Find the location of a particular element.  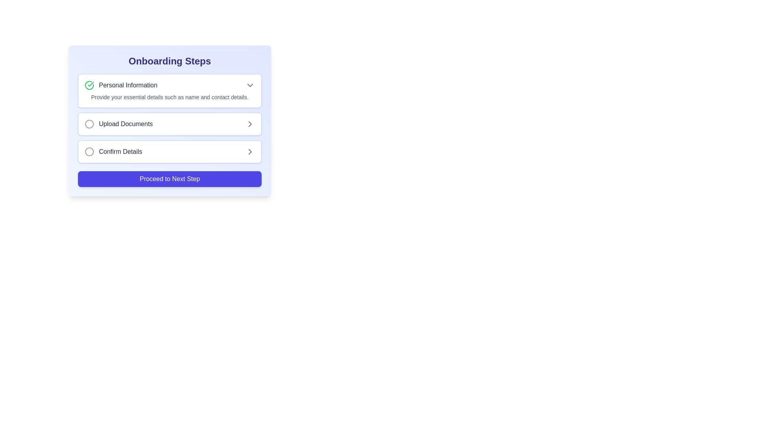

the rectangular button with rounded corners and a vivid indigo background that displays the text 'Proceed to Next Step' to change its background color is located at coordinates (169, 179).